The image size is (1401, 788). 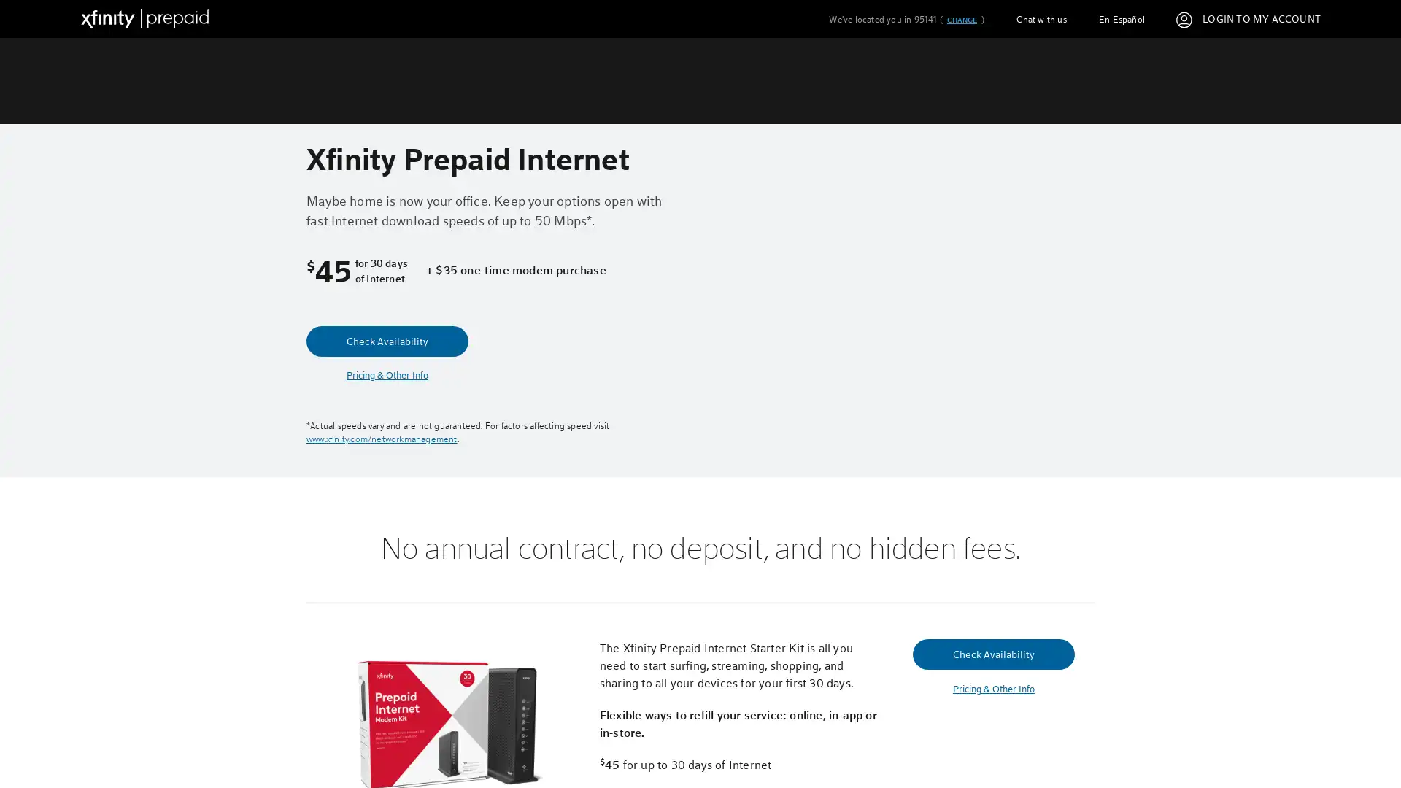 I want to click on Check Availability, so click(x=992, y=652).